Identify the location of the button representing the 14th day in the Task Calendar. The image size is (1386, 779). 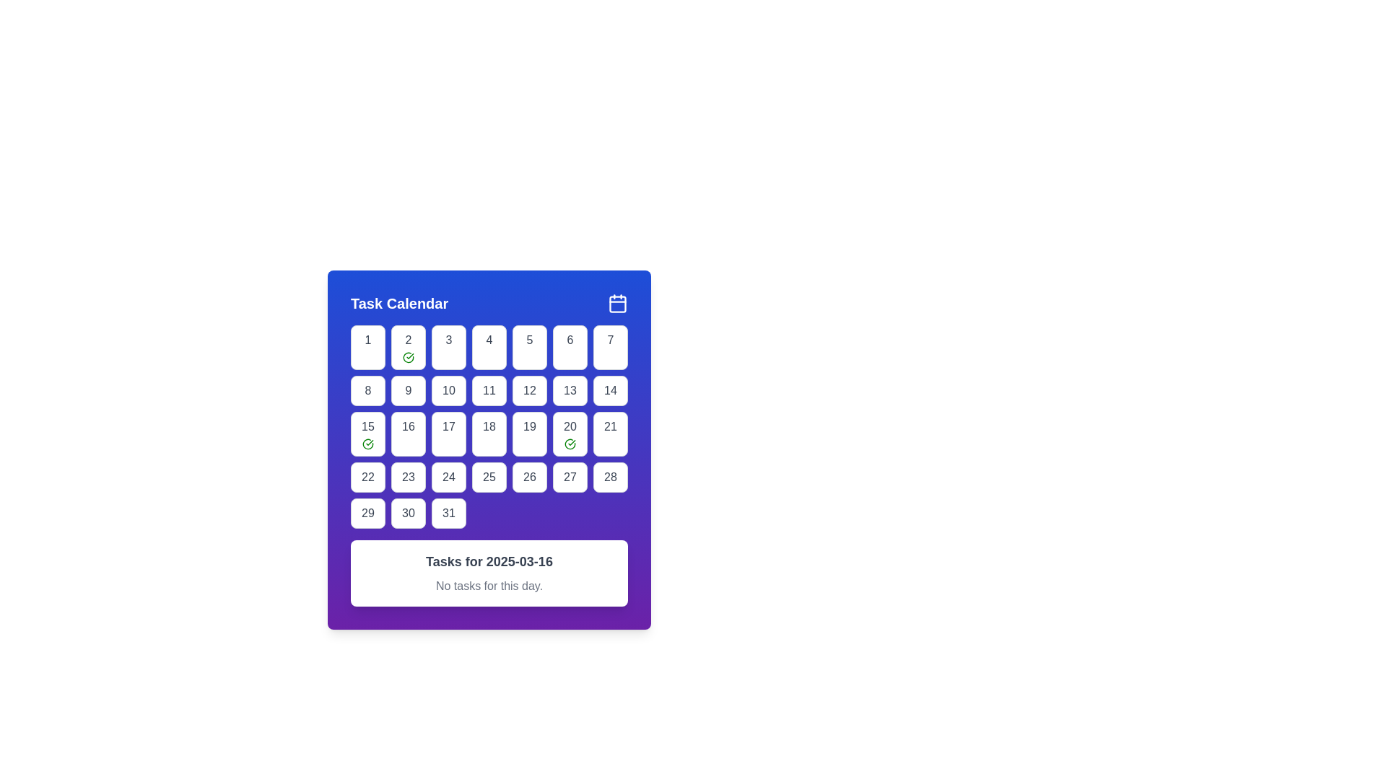
(610, 391).